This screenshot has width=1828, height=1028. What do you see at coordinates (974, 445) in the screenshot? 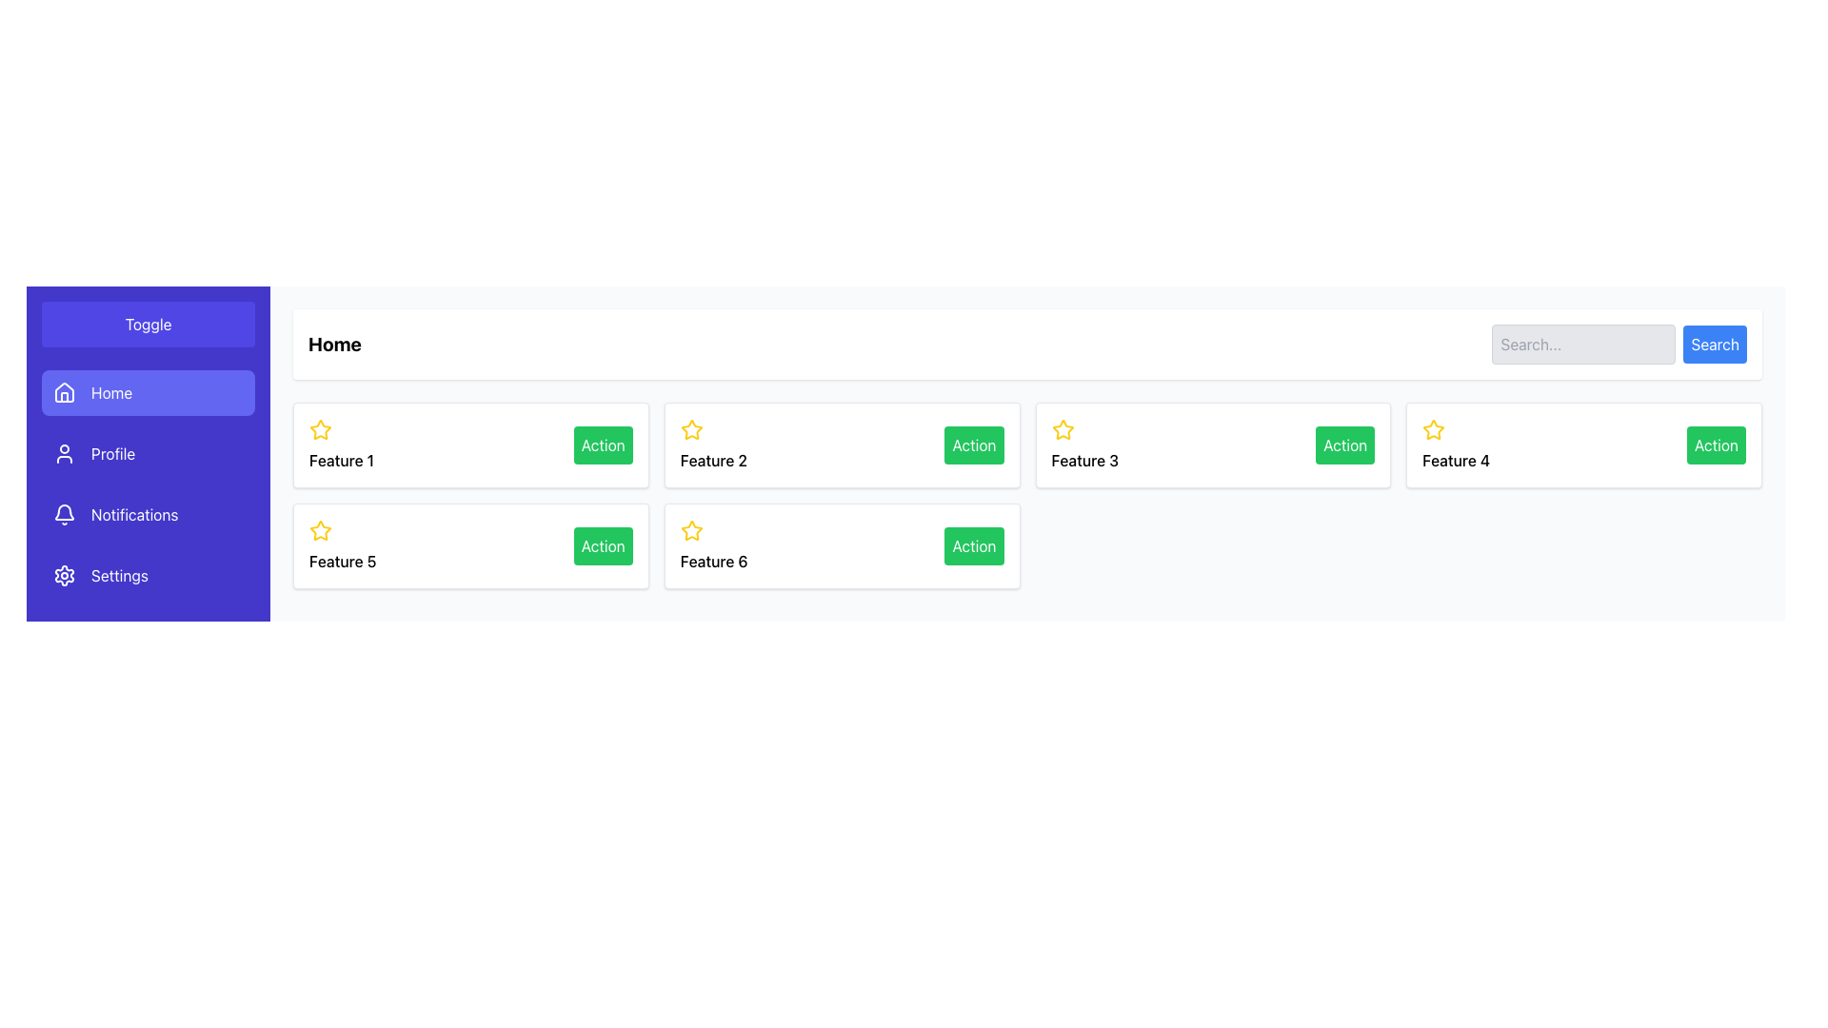
I see `the call-to-action button located in the right section of the card labeled 'Feature 2'` at bounding box center [974, 445].